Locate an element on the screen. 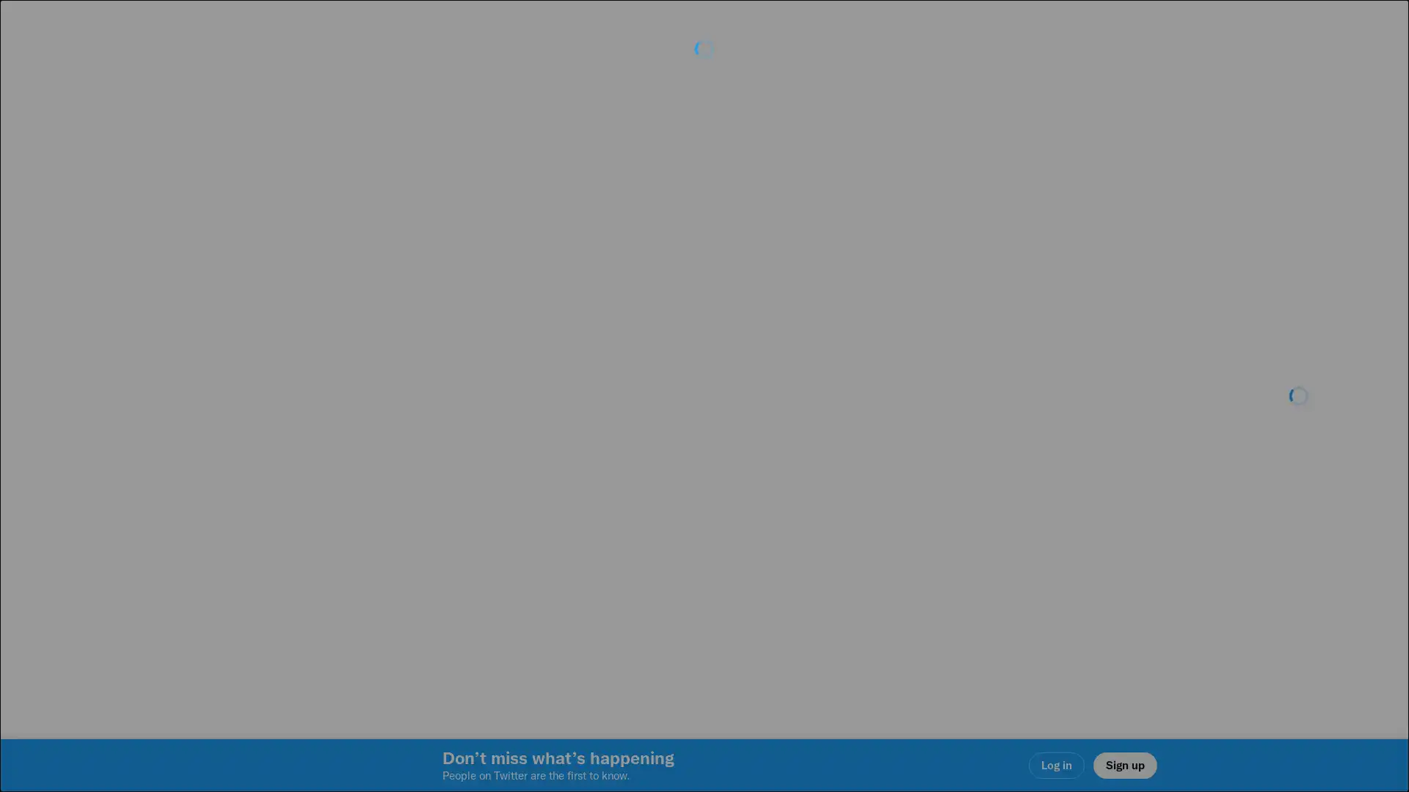 The width and height of the screenshot is (1409, 792). Sign up is located at coordinates (530, 499).